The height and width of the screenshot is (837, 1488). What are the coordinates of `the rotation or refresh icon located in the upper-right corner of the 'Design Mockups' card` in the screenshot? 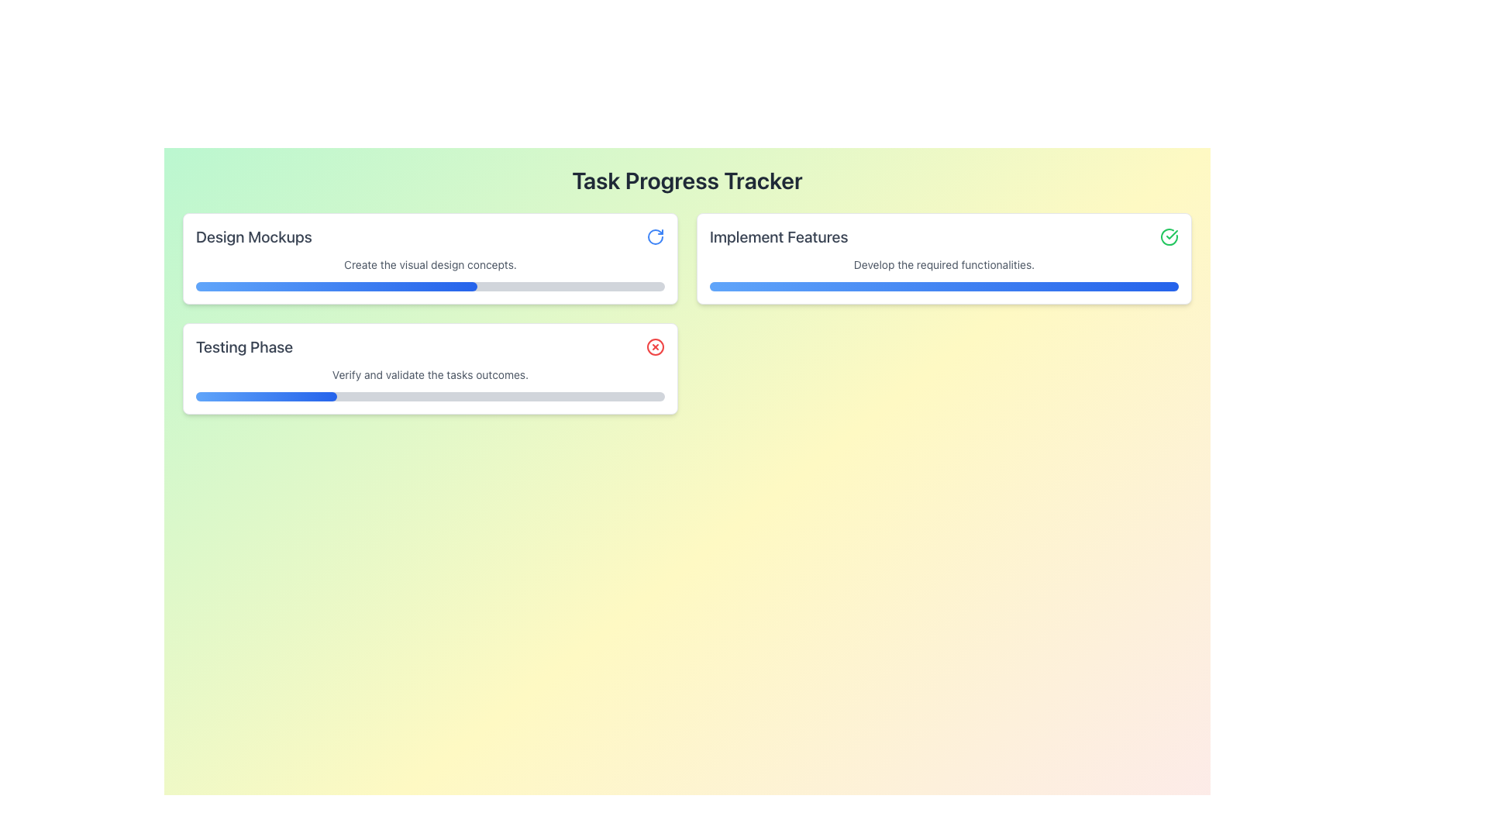 It's located at (655, 236).